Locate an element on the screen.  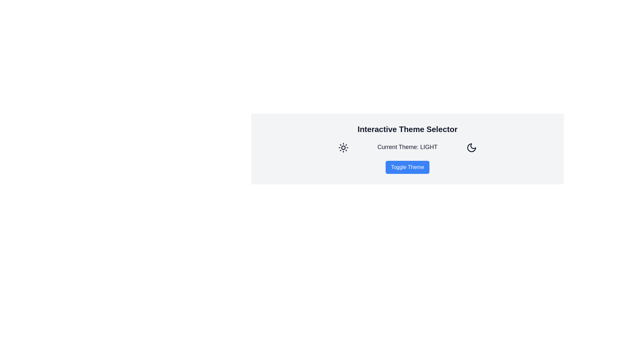
the nighttime or dark theme mode icon located on the right side in the central region of the interface layout is located at coordinates (471, 147).